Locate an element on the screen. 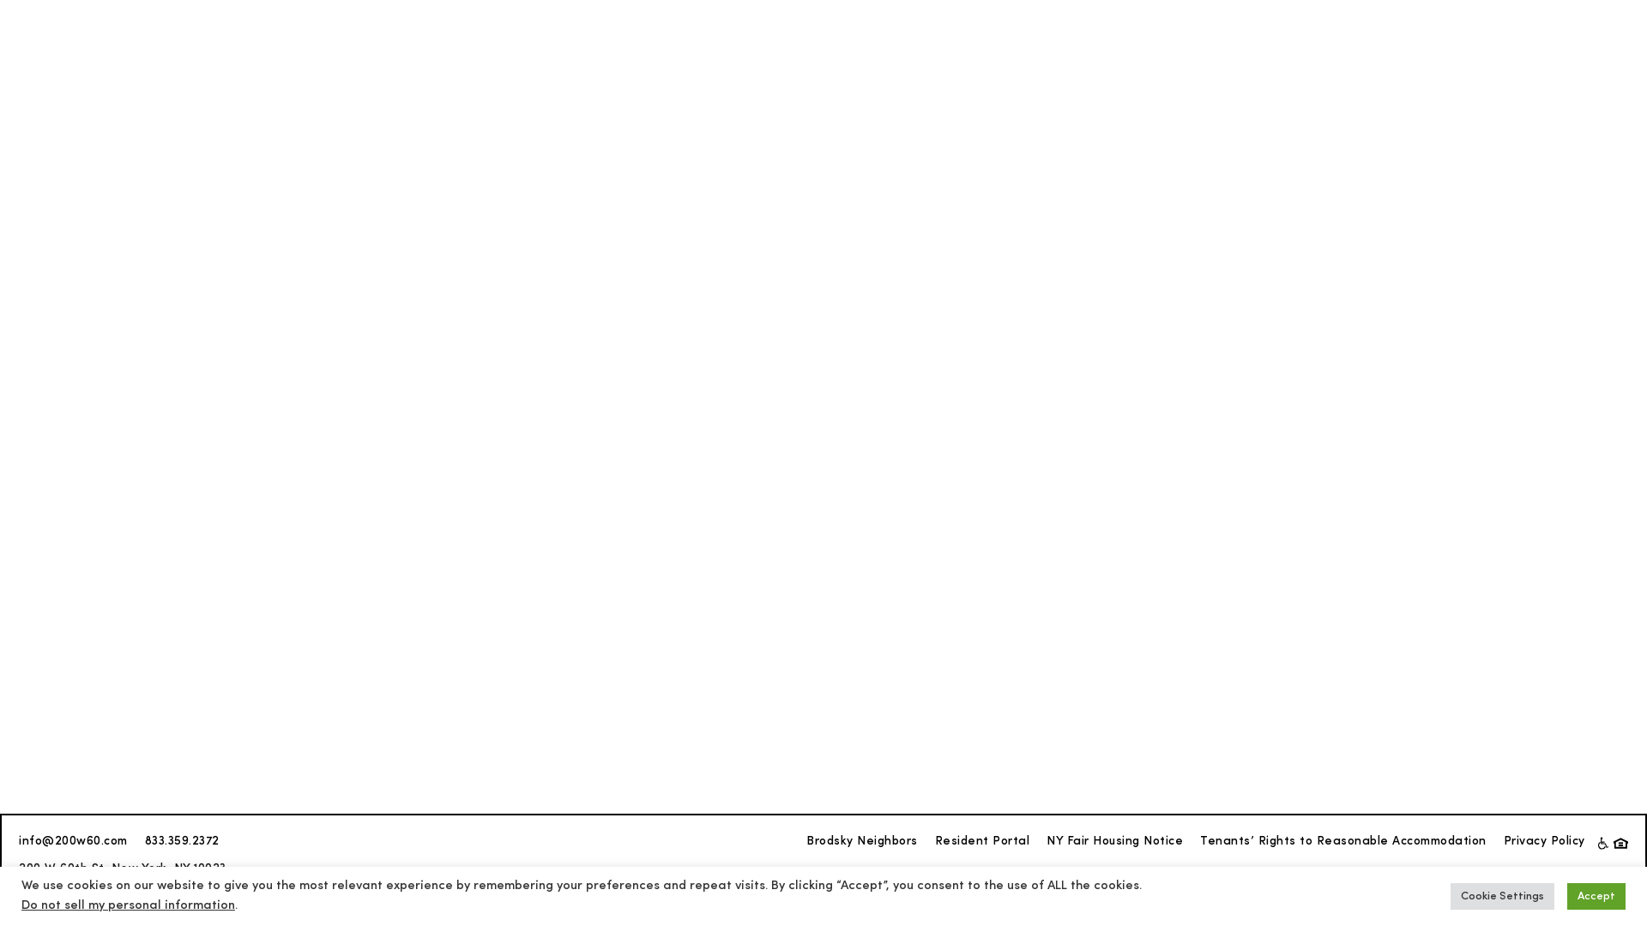 The image size is (1647, 926). 'Brodsky Neighbors' is located at coordinates (861, 841).